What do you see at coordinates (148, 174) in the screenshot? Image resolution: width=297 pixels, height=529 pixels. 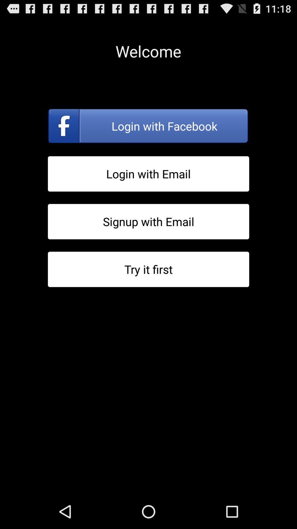 I see `login with email` at bounding box center [148, 174].